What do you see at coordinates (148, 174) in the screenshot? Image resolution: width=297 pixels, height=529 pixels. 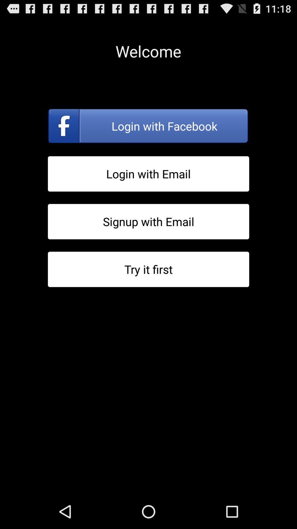 I see `login with email` at bounding box center [148, 174].